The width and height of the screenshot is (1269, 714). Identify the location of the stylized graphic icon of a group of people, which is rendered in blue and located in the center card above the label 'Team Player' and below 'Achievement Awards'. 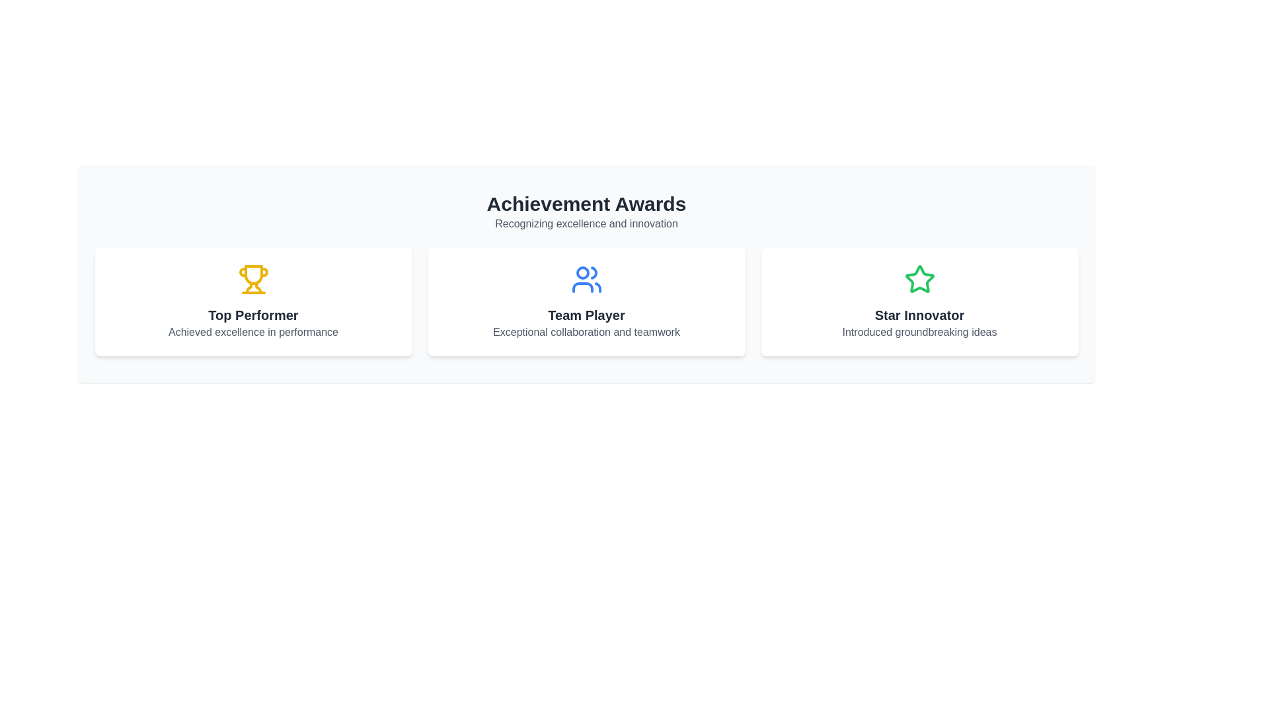
(586, 279).